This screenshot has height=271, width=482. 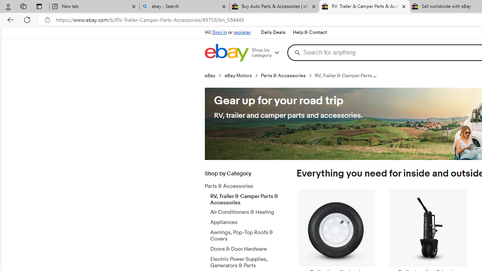 What do you see at coordinates (273, 32) in the screenshot?
I see `'Daily Deals'` at bounding box center [273, 32].